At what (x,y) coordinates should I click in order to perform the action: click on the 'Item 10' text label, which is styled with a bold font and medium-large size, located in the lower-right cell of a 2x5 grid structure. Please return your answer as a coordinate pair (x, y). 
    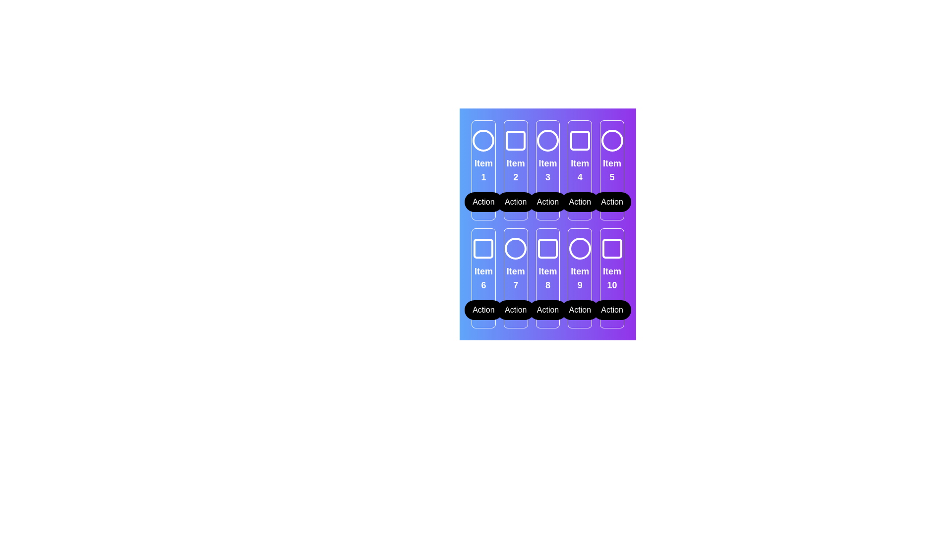
    Looking at the image, I should click on (611, 278).